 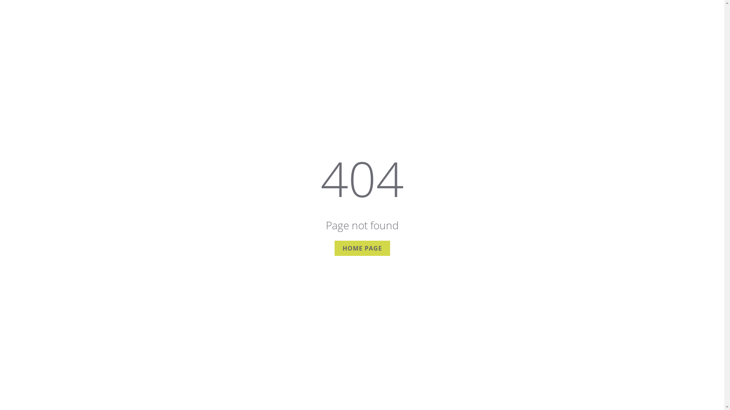 I want to click on 'HOME PAGE', so click(x=334, y=248).